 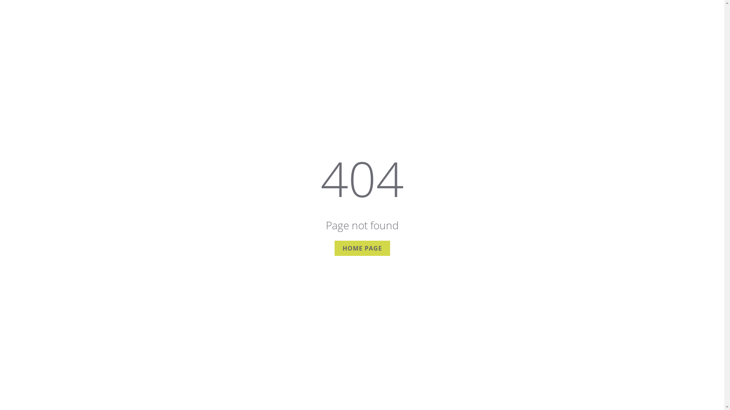 I want to click on 'HOME PAGE', so click(x=334, y=248).